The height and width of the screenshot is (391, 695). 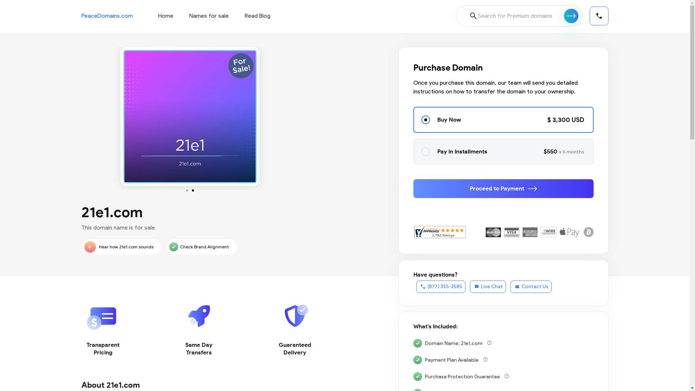 What do you see at coordinates (121, 247) in the screenshot?
I see `'Hear how 21e1.com sounds'` at bounding box center [121, 247].